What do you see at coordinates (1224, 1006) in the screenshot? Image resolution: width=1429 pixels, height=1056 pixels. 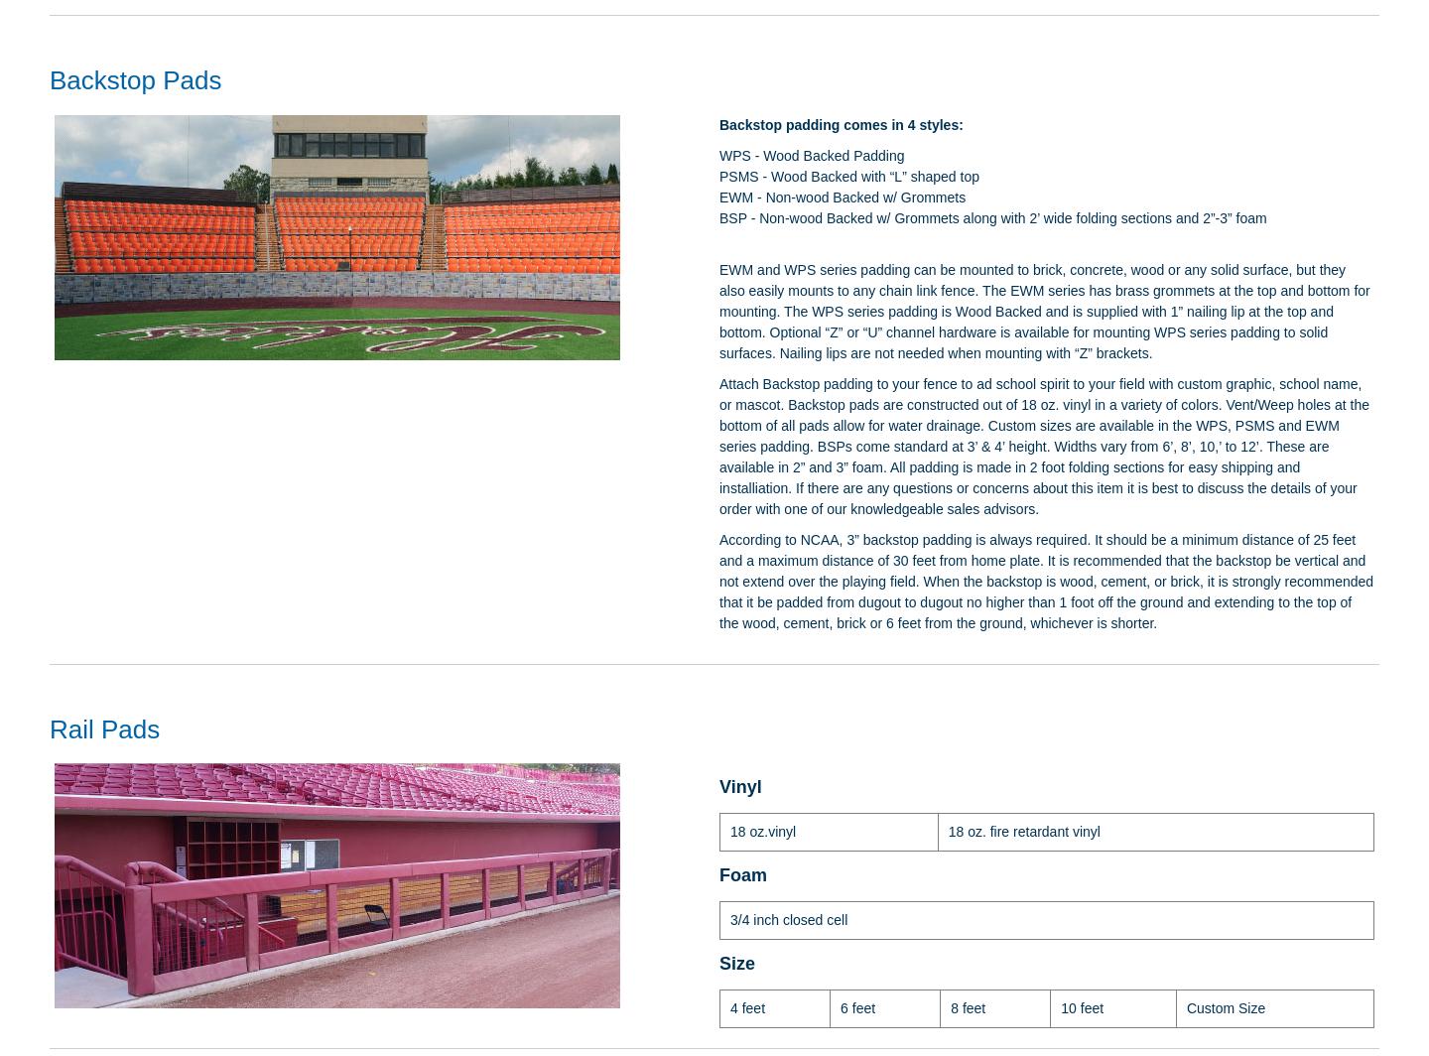 I see `'Custom Size'` at bounding box center [1224, 1006].